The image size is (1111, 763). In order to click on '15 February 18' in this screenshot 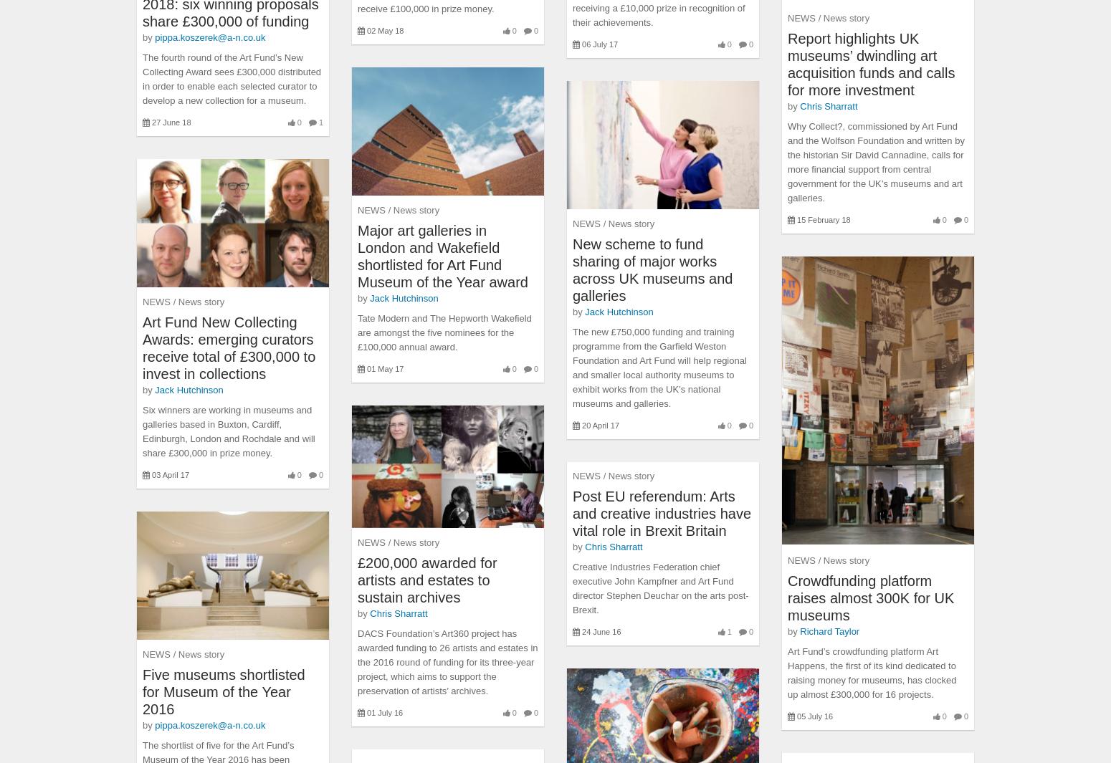, I will do `click(823, 219)`.